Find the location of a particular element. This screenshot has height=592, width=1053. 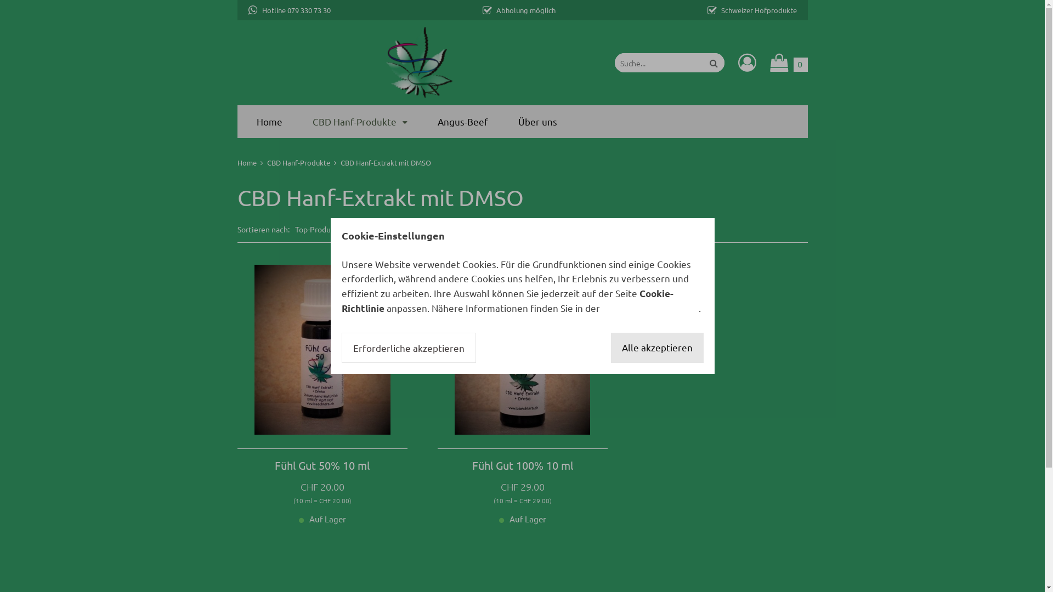

'Suche' is located at coordinates (713, 62).